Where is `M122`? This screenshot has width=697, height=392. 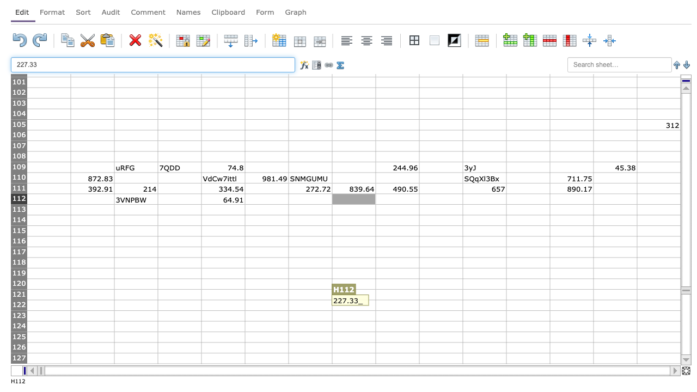 M122 is located at coordinates (571, 305).